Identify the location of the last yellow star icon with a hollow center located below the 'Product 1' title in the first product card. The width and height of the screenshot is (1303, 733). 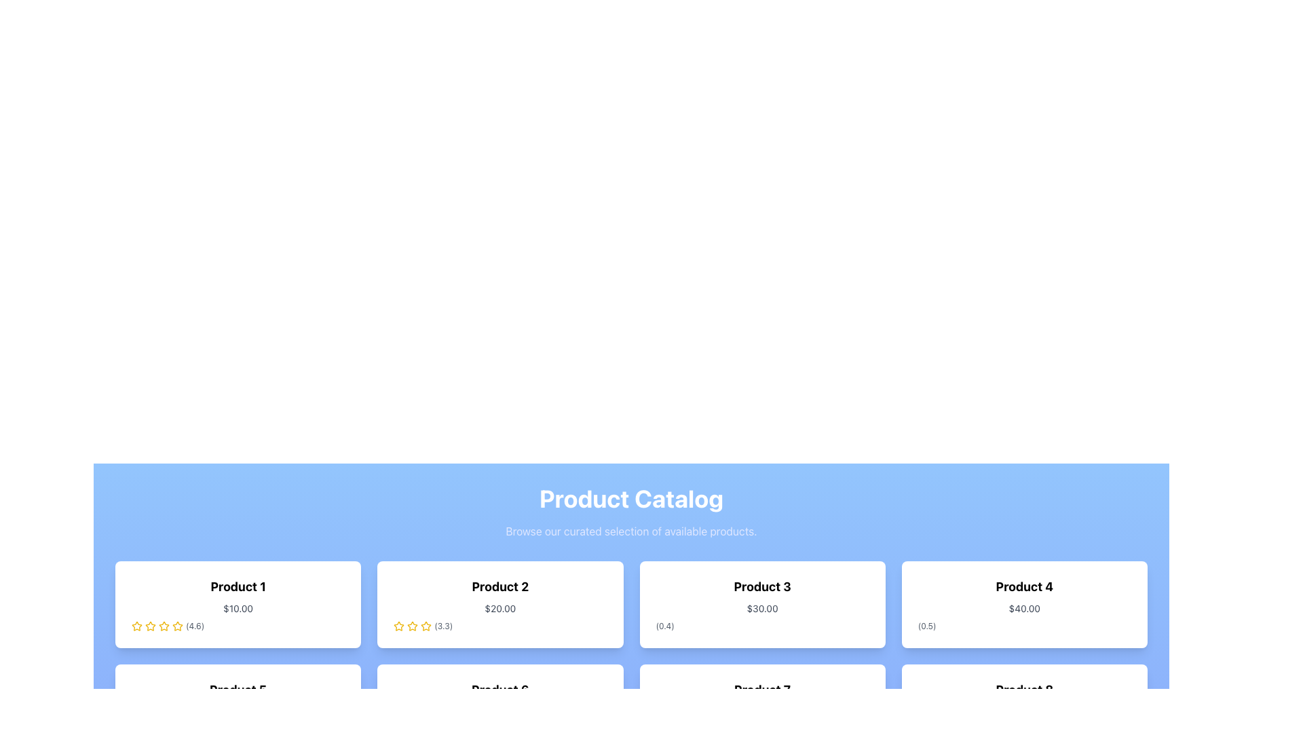
(177, 626).